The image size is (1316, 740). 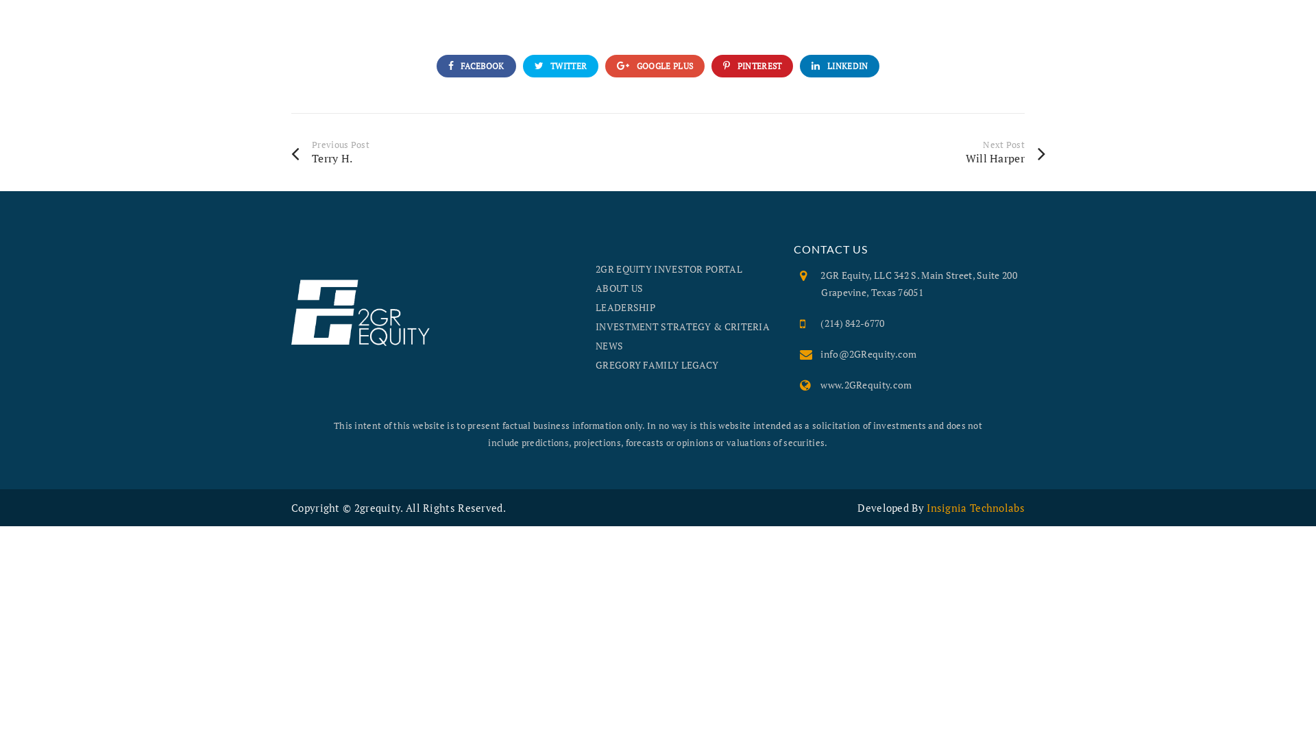 I want to click on 'ABOUT US', so click(x=618, y=287).